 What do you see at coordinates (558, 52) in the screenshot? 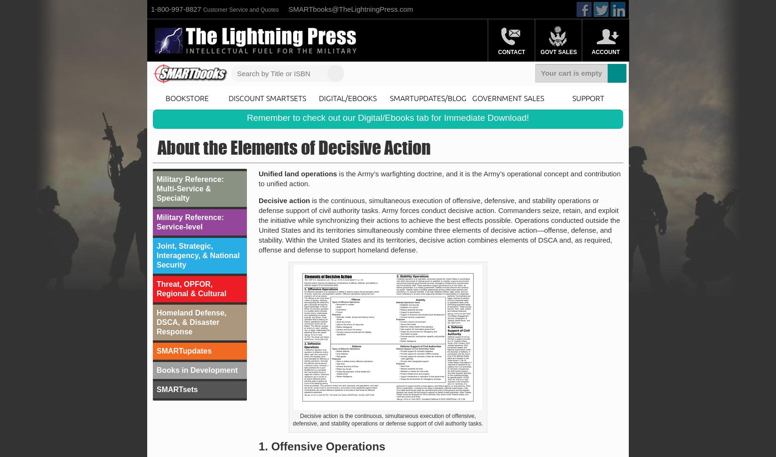
I see `'GOVT SALES'` at bounding box center [558, 52].